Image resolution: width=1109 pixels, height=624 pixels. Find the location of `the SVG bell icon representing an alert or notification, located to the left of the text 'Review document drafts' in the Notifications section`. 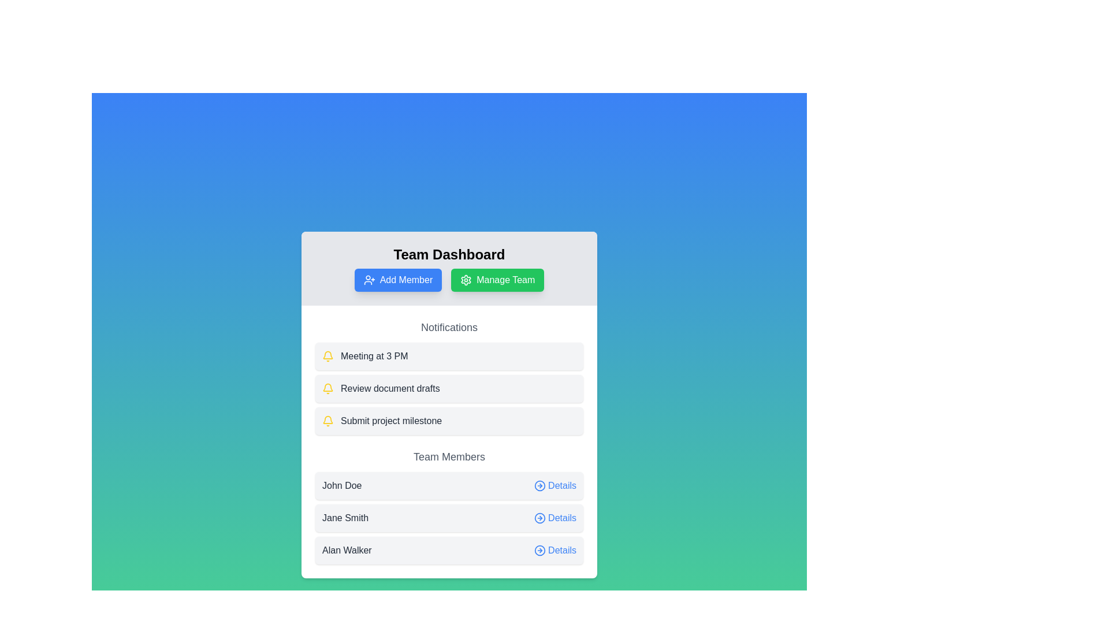

the SVG bell icon representing an alert or notification, located to the left of the text 'Review document drafts' in the Notifications section is located at coordinates (327, 388).